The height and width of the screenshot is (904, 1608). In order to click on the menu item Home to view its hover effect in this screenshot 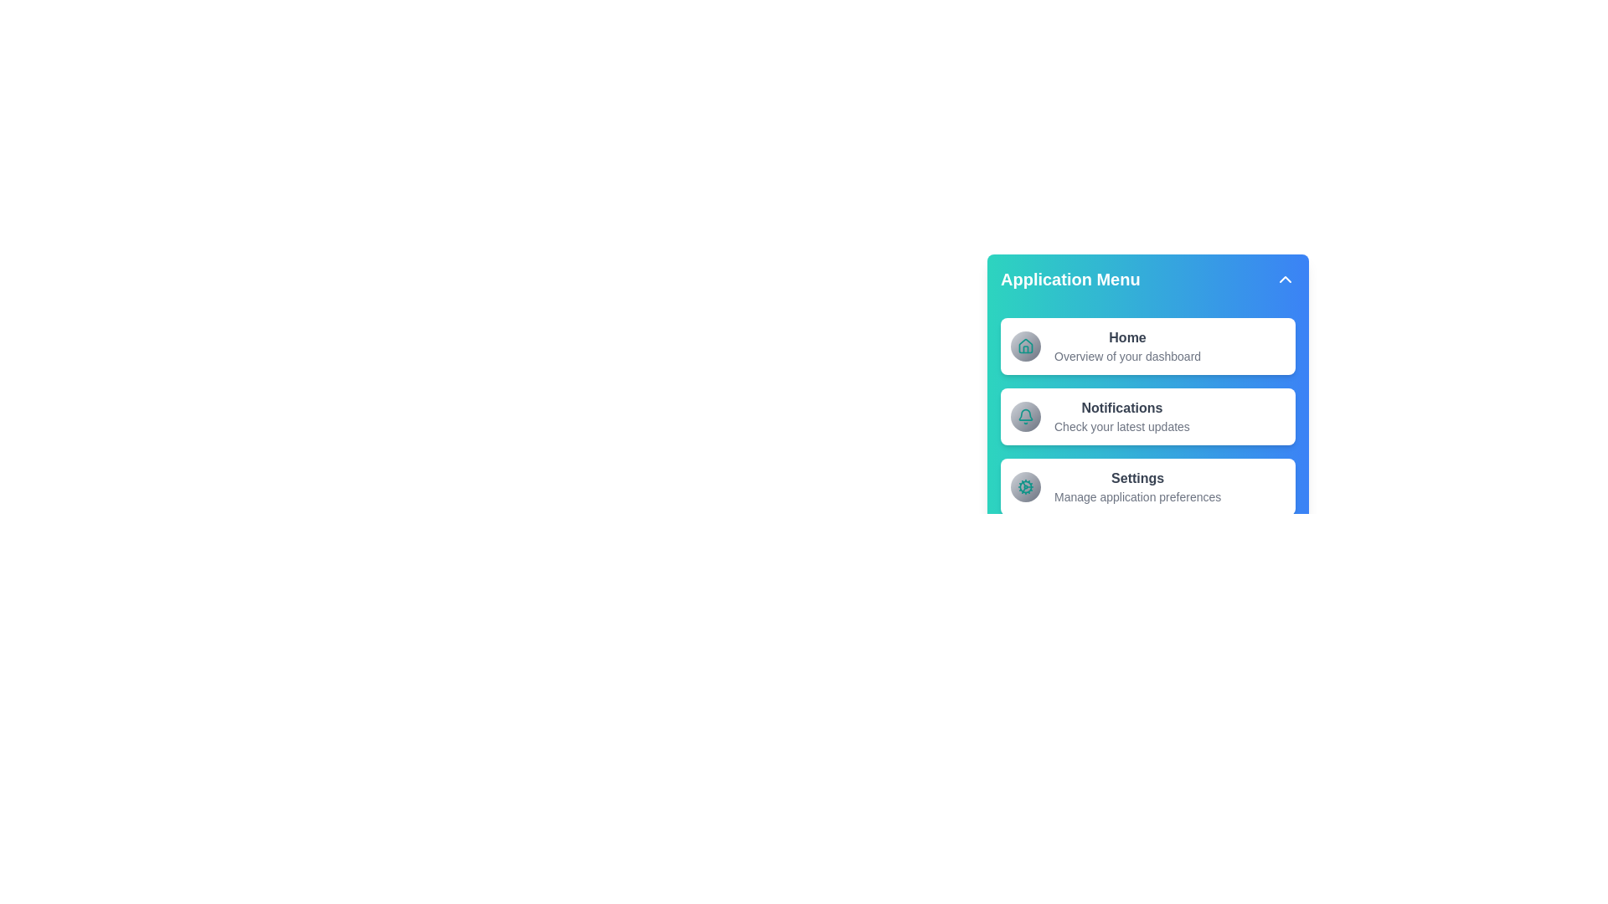, I will do `click(1147, 345)`.